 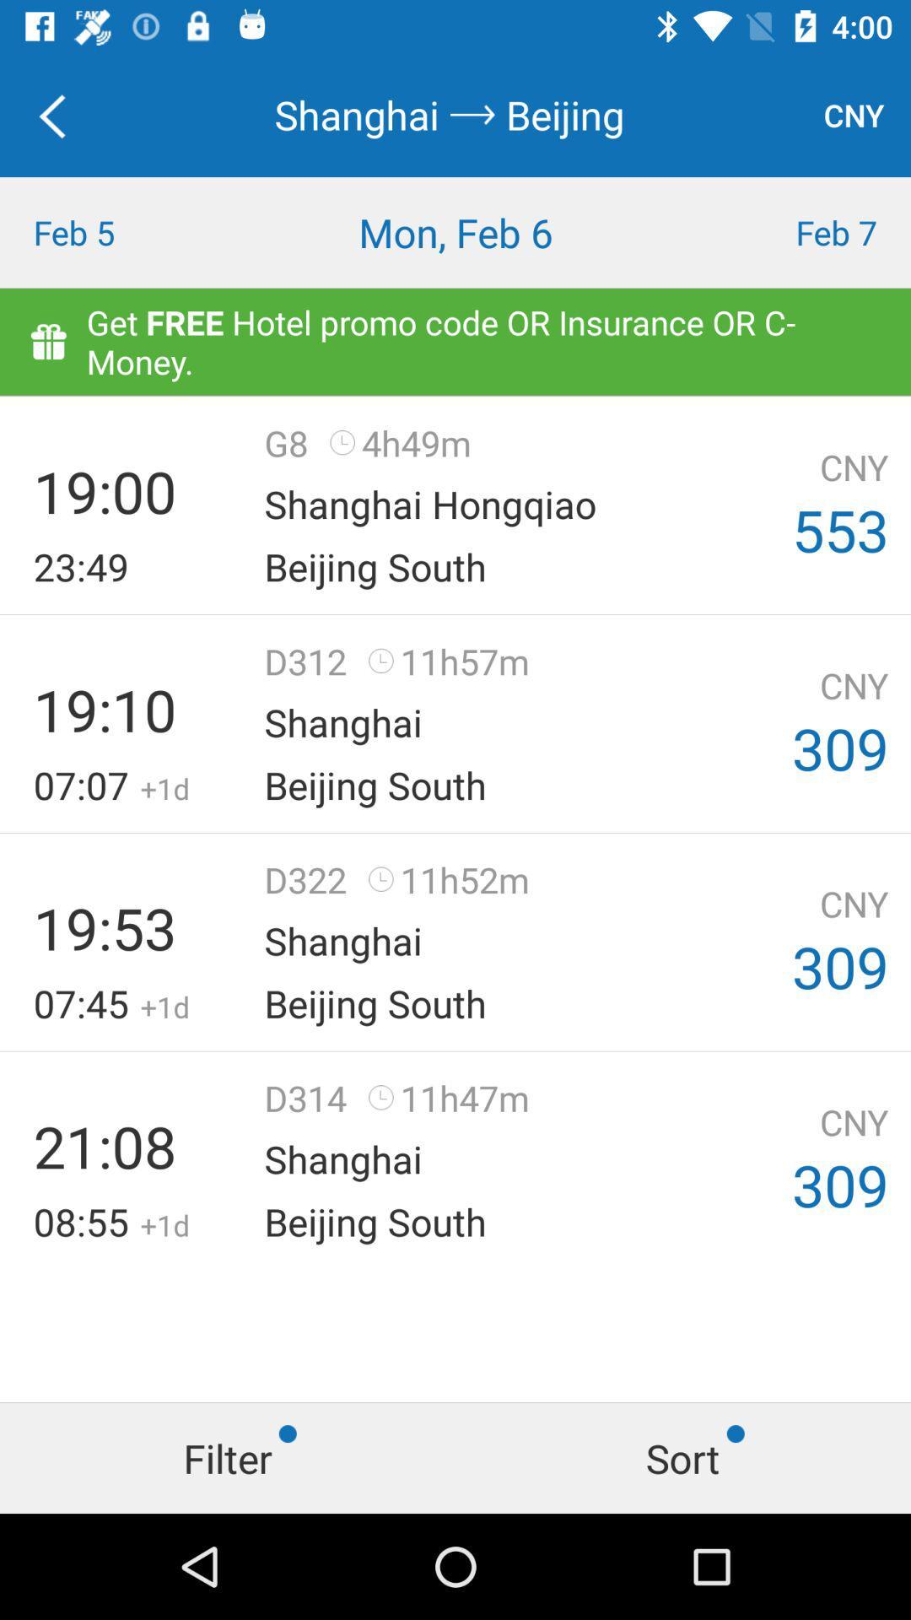 What do you see at coordinates (797, 231) in the screenshot?
I see `the icon below the cny` at bounding box center [797, 231].